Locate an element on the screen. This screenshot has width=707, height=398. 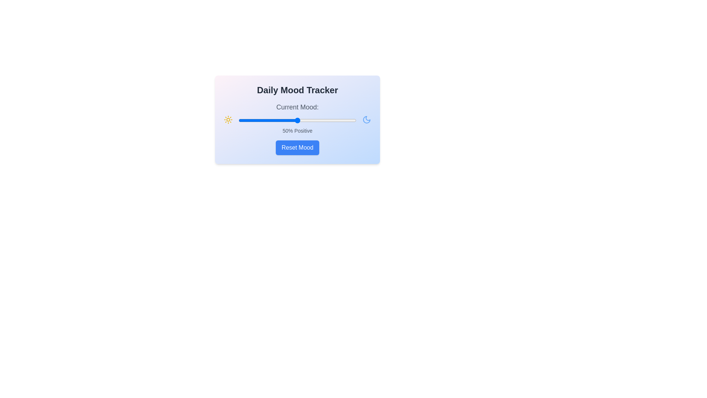
the mood slider is located at coordinates (312, 120).